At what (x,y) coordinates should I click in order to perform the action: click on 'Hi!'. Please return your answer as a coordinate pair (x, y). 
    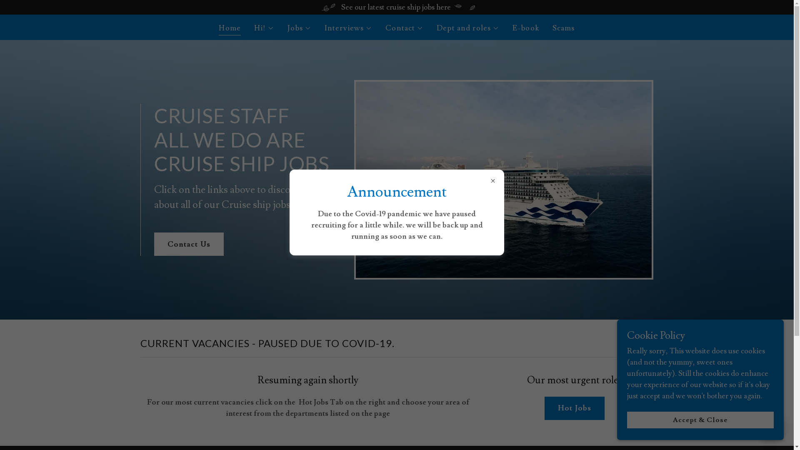
    Looking at the image, I should click on (263, 28).